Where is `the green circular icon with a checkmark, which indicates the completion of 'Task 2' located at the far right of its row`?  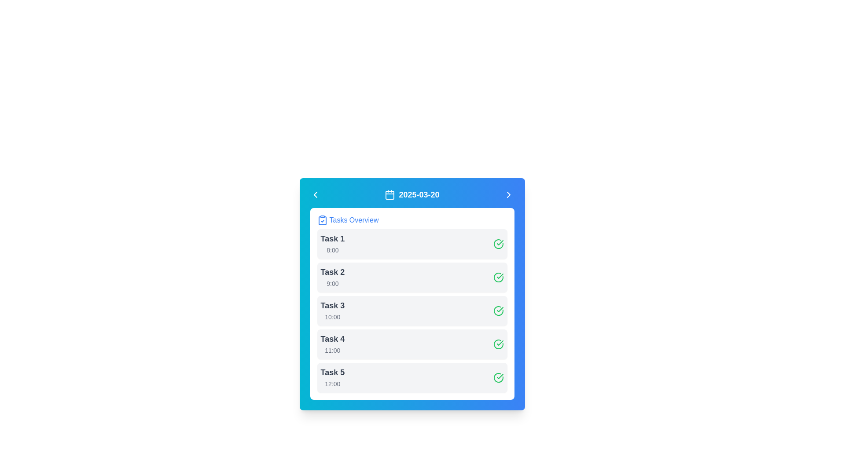 the green circular icon with a checkmark, which indicates the completion of 'Task 2' located at the far right of its row is located at coordinates (498, 278).